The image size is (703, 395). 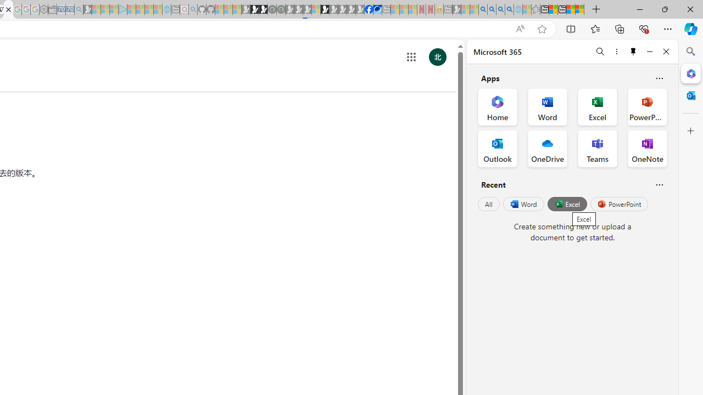 What do you see at coordinates (456, 9) in the screenshot?
I see `'MSN - Sleeping'` at bounding box center [456, 9].